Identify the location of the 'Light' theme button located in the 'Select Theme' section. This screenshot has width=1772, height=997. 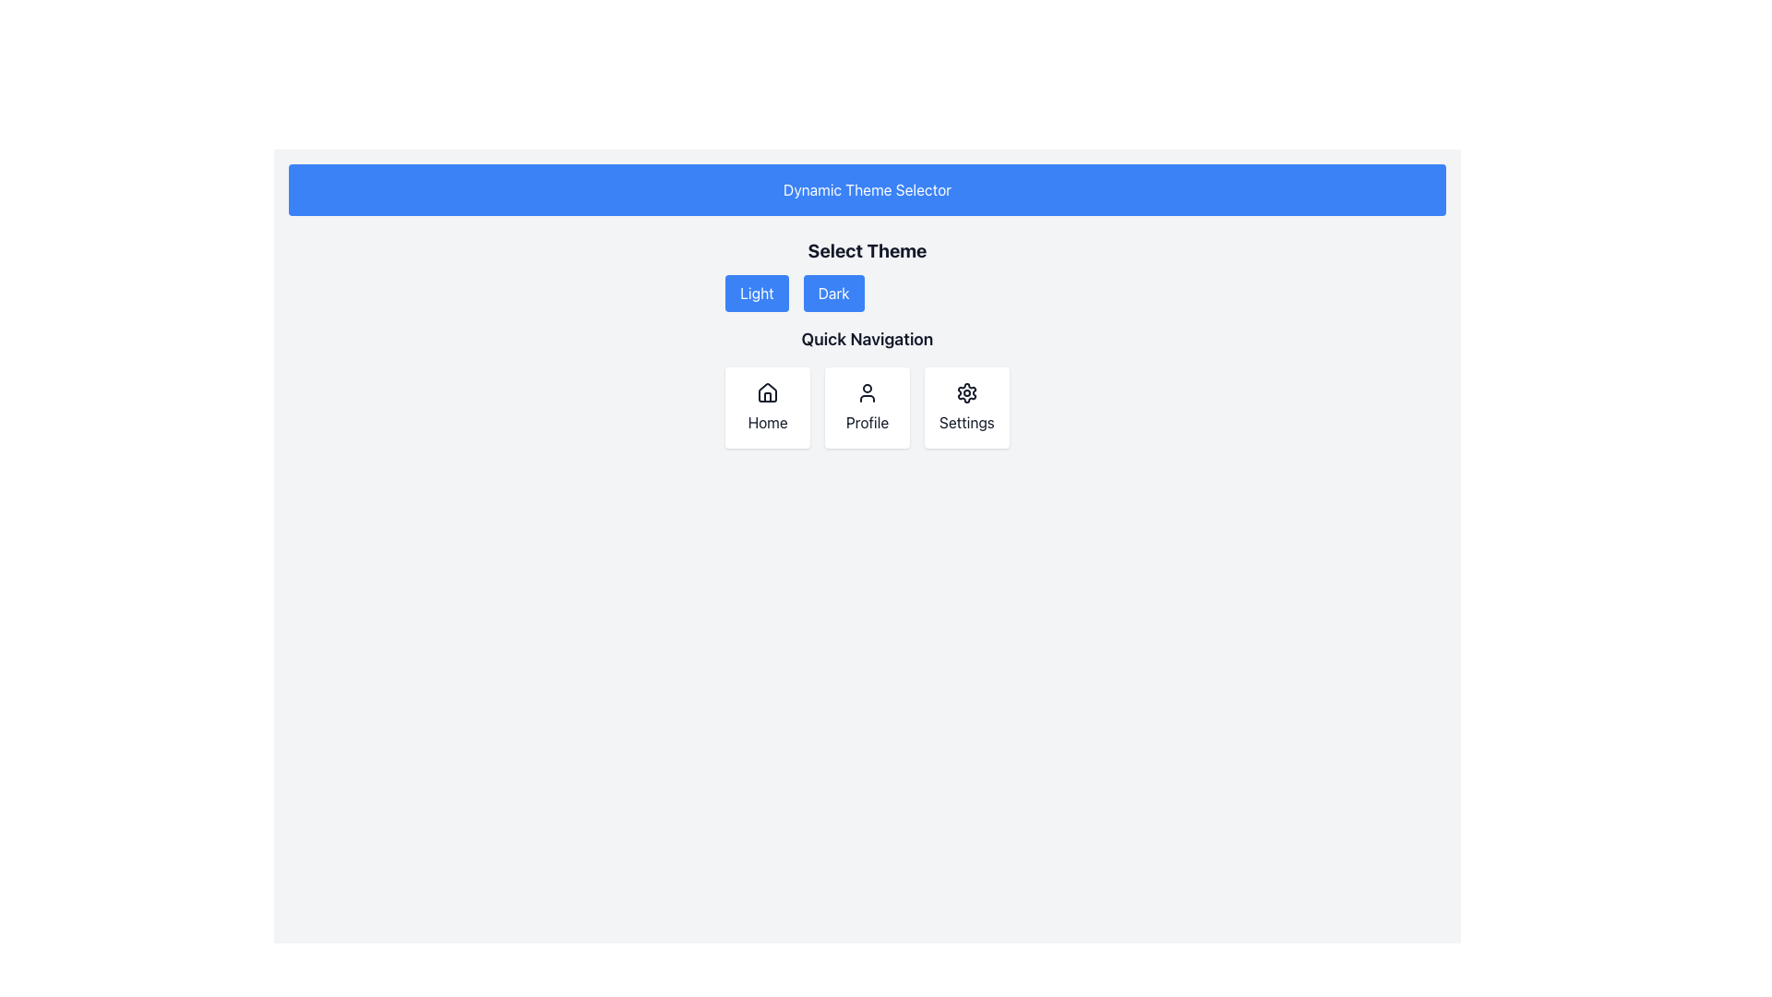
(757, 292).